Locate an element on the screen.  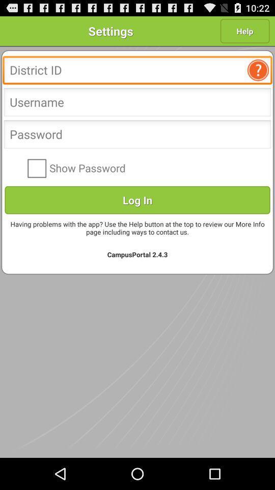
the campusportal 2 4 app is located at coordinates (137, 254).